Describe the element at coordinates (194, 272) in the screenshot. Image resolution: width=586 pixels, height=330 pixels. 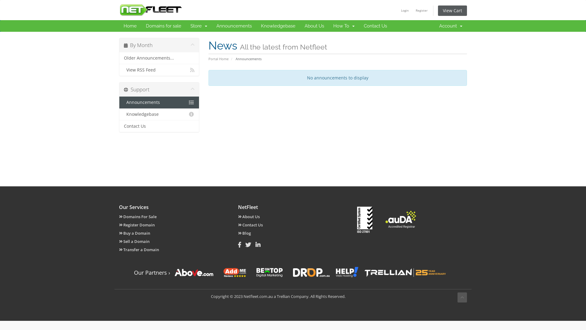
I see `'Above.com - Domain Portfolio Manager'` at that location.